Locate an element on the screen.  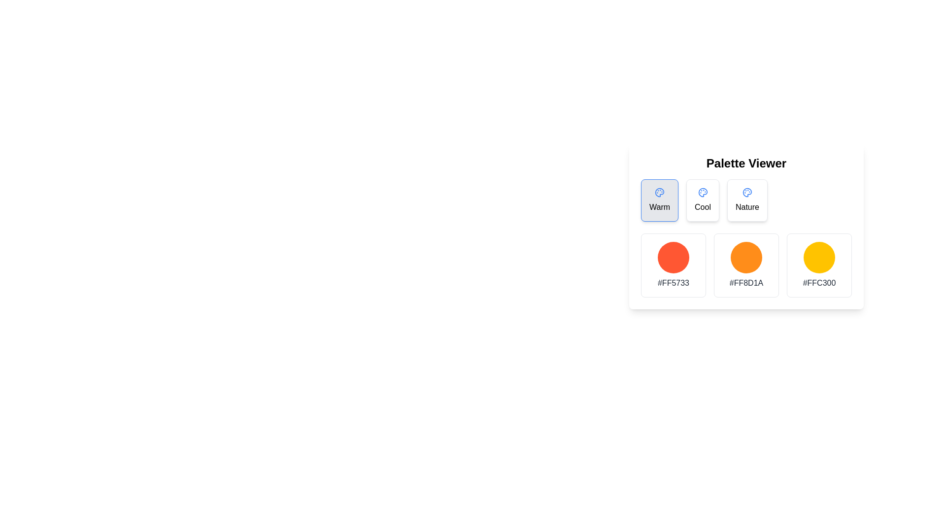
the third card labeled 'Nature' in the horizontal list of theme options is located at coordinates (747, 200).